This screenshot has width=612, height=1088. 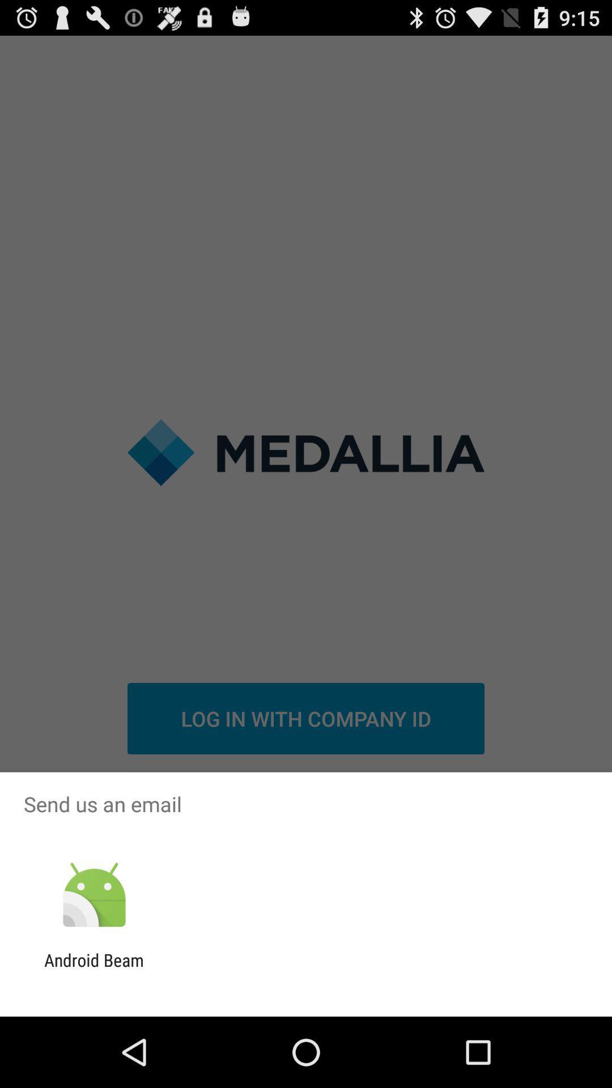 What do you see at coordinates (93, 895) in the screenshot?
I see `icon above the android beam icon` at bounding box center [93, 895].